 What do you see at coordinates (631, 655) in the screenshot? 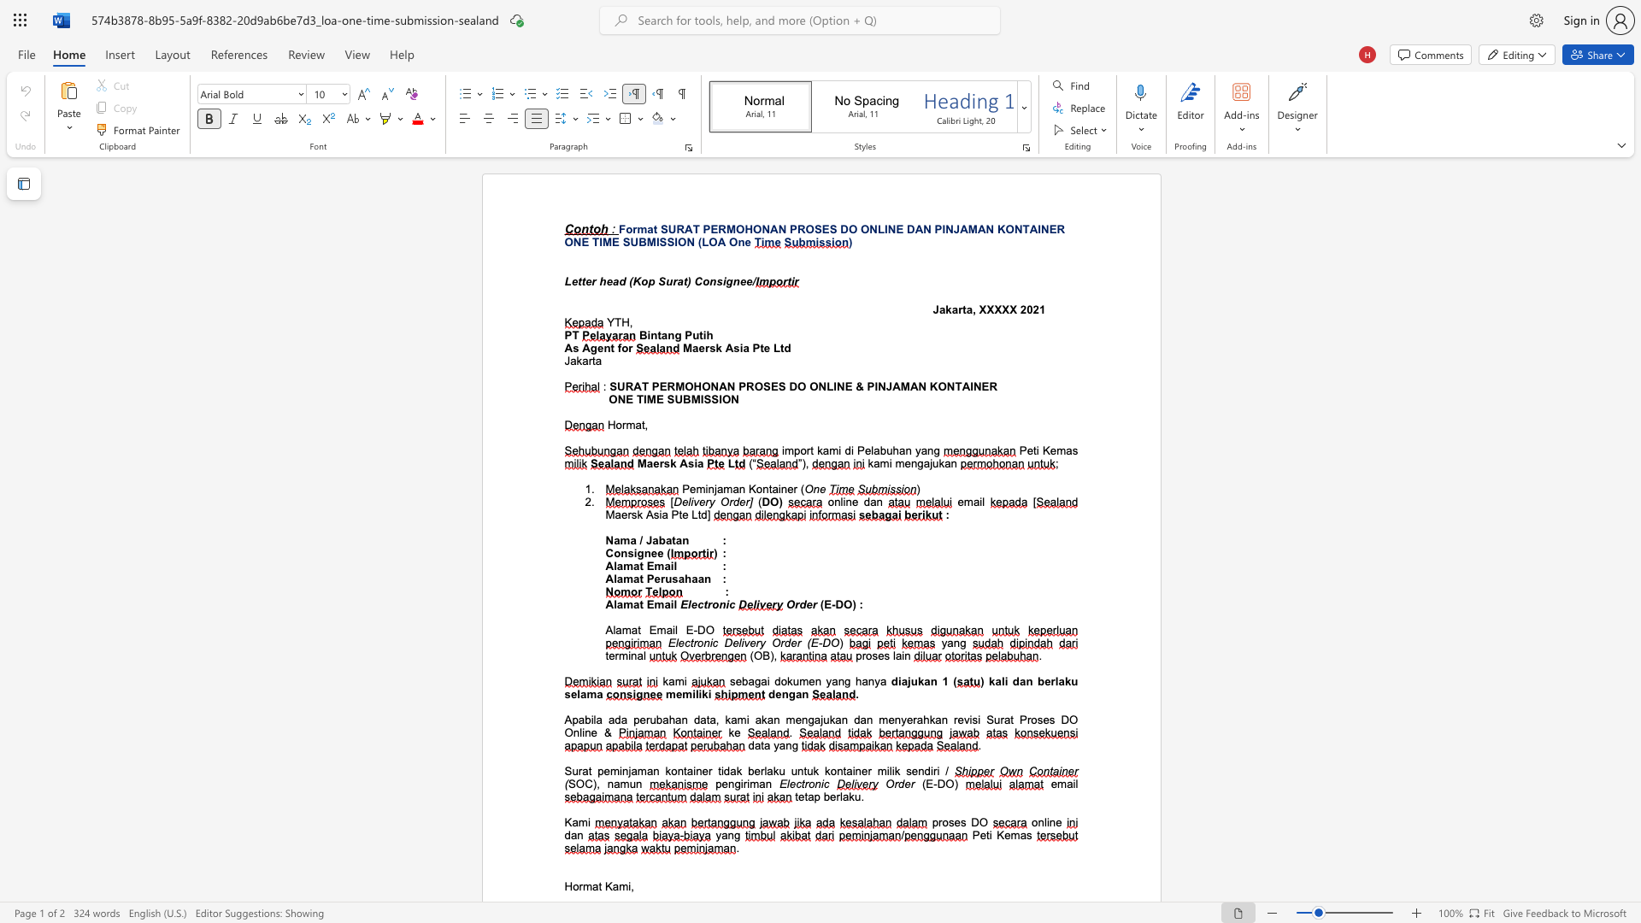
I see `the space between the continuous character "i" and "n" in the text` at bounding box center [631, 655].